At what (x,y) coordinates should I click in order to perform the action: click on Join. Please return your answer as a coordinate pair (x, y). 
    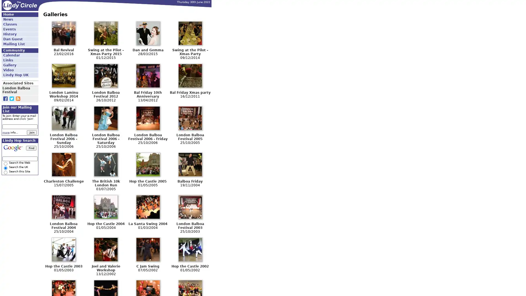
    Looking at the image, I should click on (31, 132).